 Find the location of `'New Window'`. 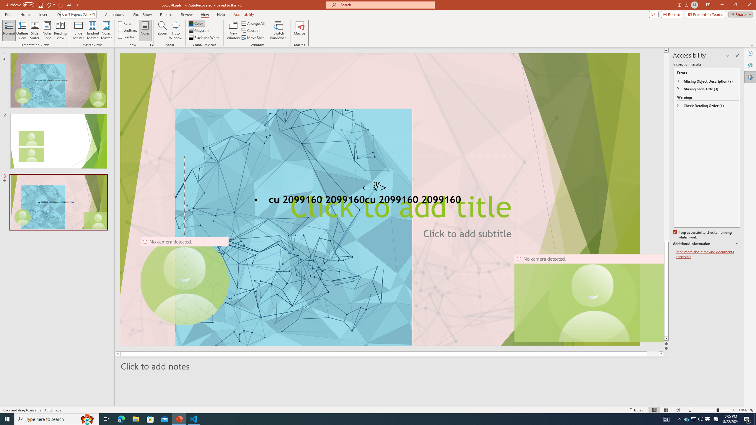

'New Window' is located at coordinates (233, 30).